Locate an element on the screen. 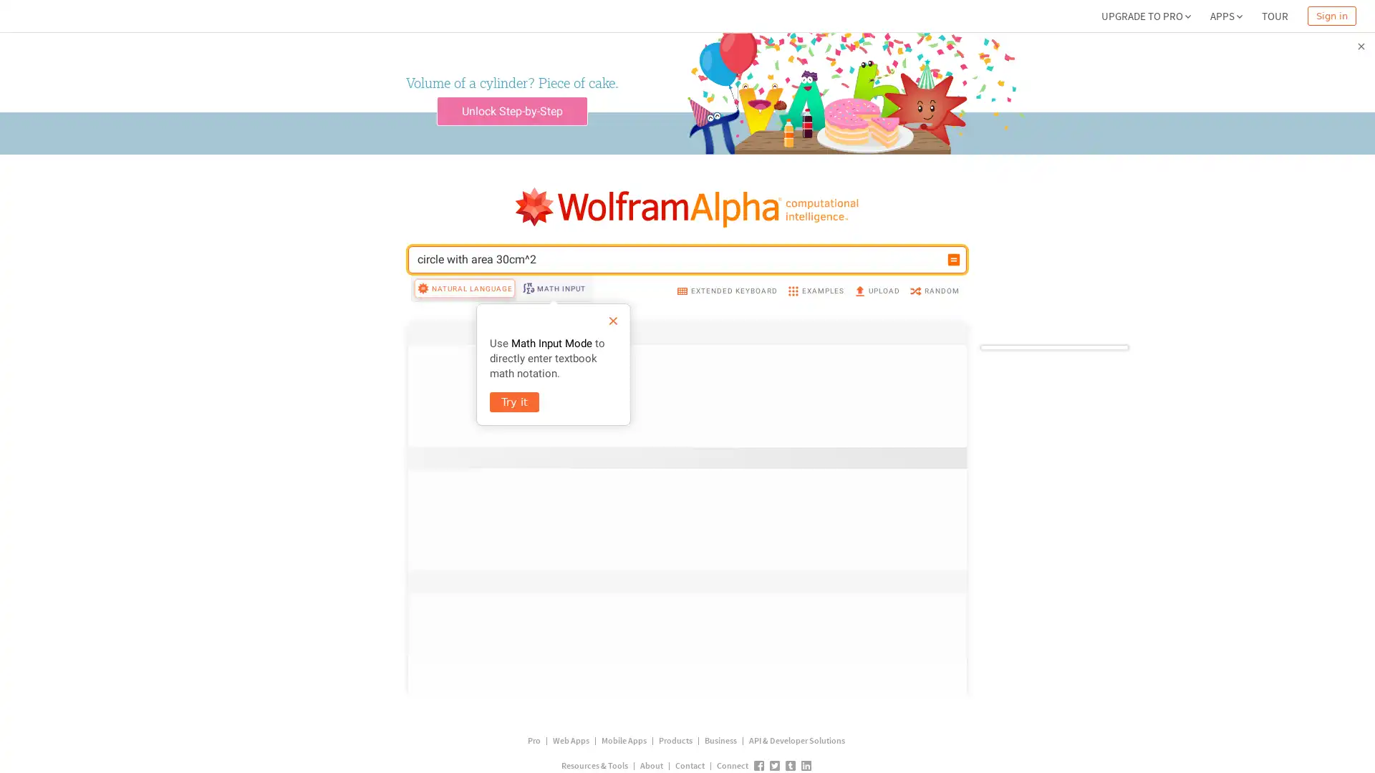 Image resolution: width=1375 pixels, height=773 pixels. More is located at coordinates (813, 655).